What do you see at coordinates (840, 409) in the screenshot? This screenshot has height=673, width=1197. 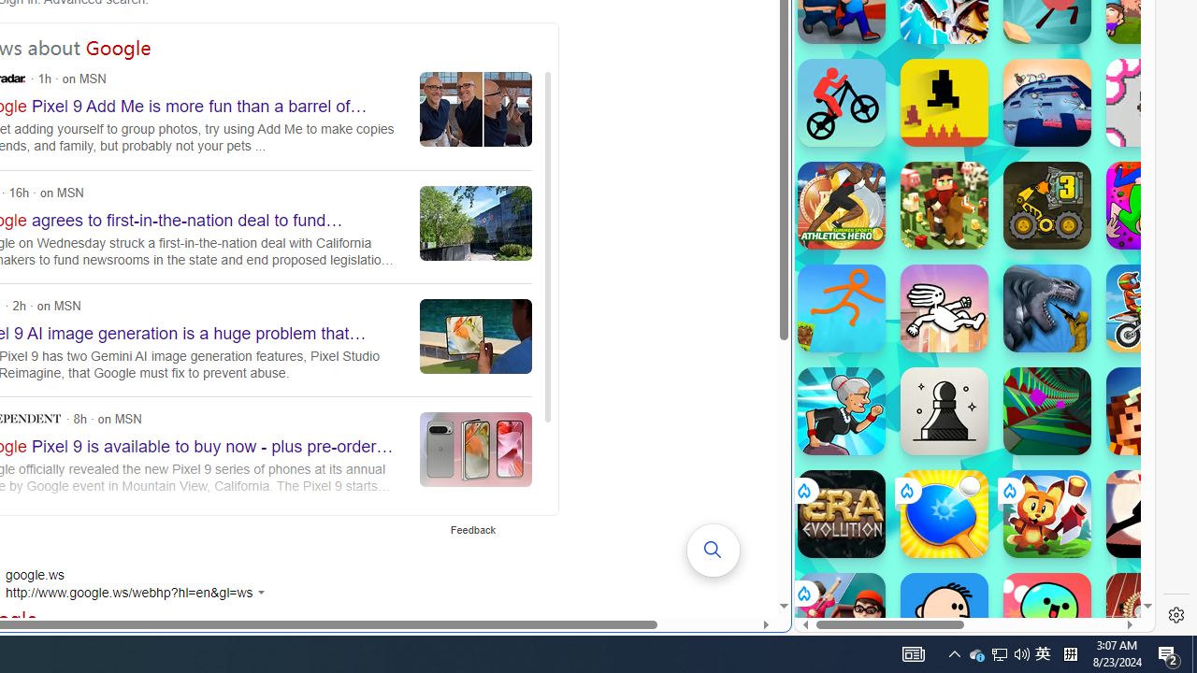 I see `'Angry Gran Run Angry Gran Run'` at bounding box center [840, 409].